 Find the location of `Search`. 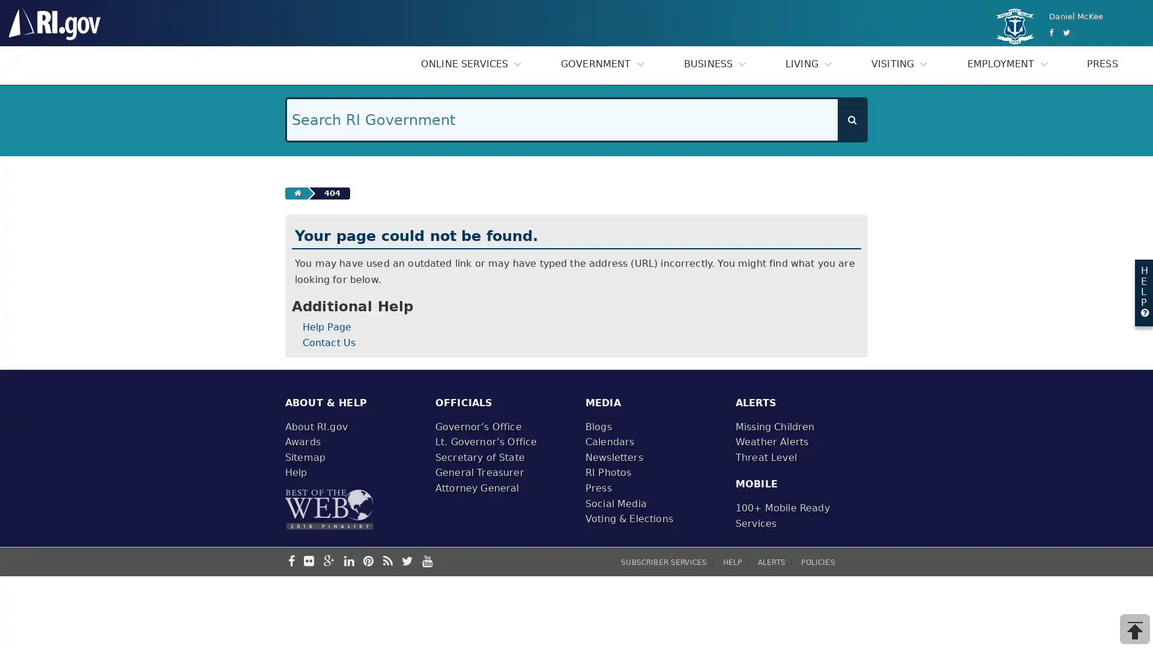

Search is located at coordinates (852, 120).